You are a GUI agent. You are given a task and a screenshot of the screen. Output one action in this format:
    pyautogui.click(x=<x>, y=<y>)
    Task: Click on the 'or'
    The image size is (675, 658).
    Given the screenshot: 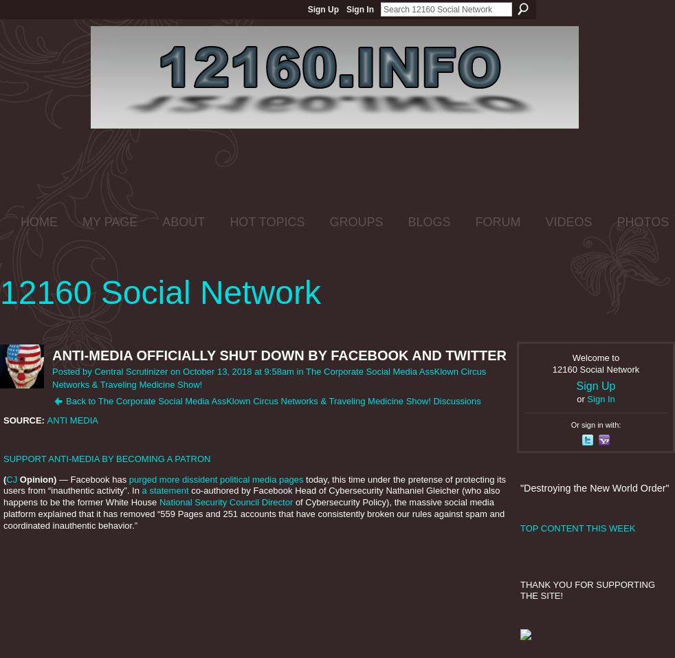 What is the action you would take?
    pyautogui.click(x=582, y=397)
    